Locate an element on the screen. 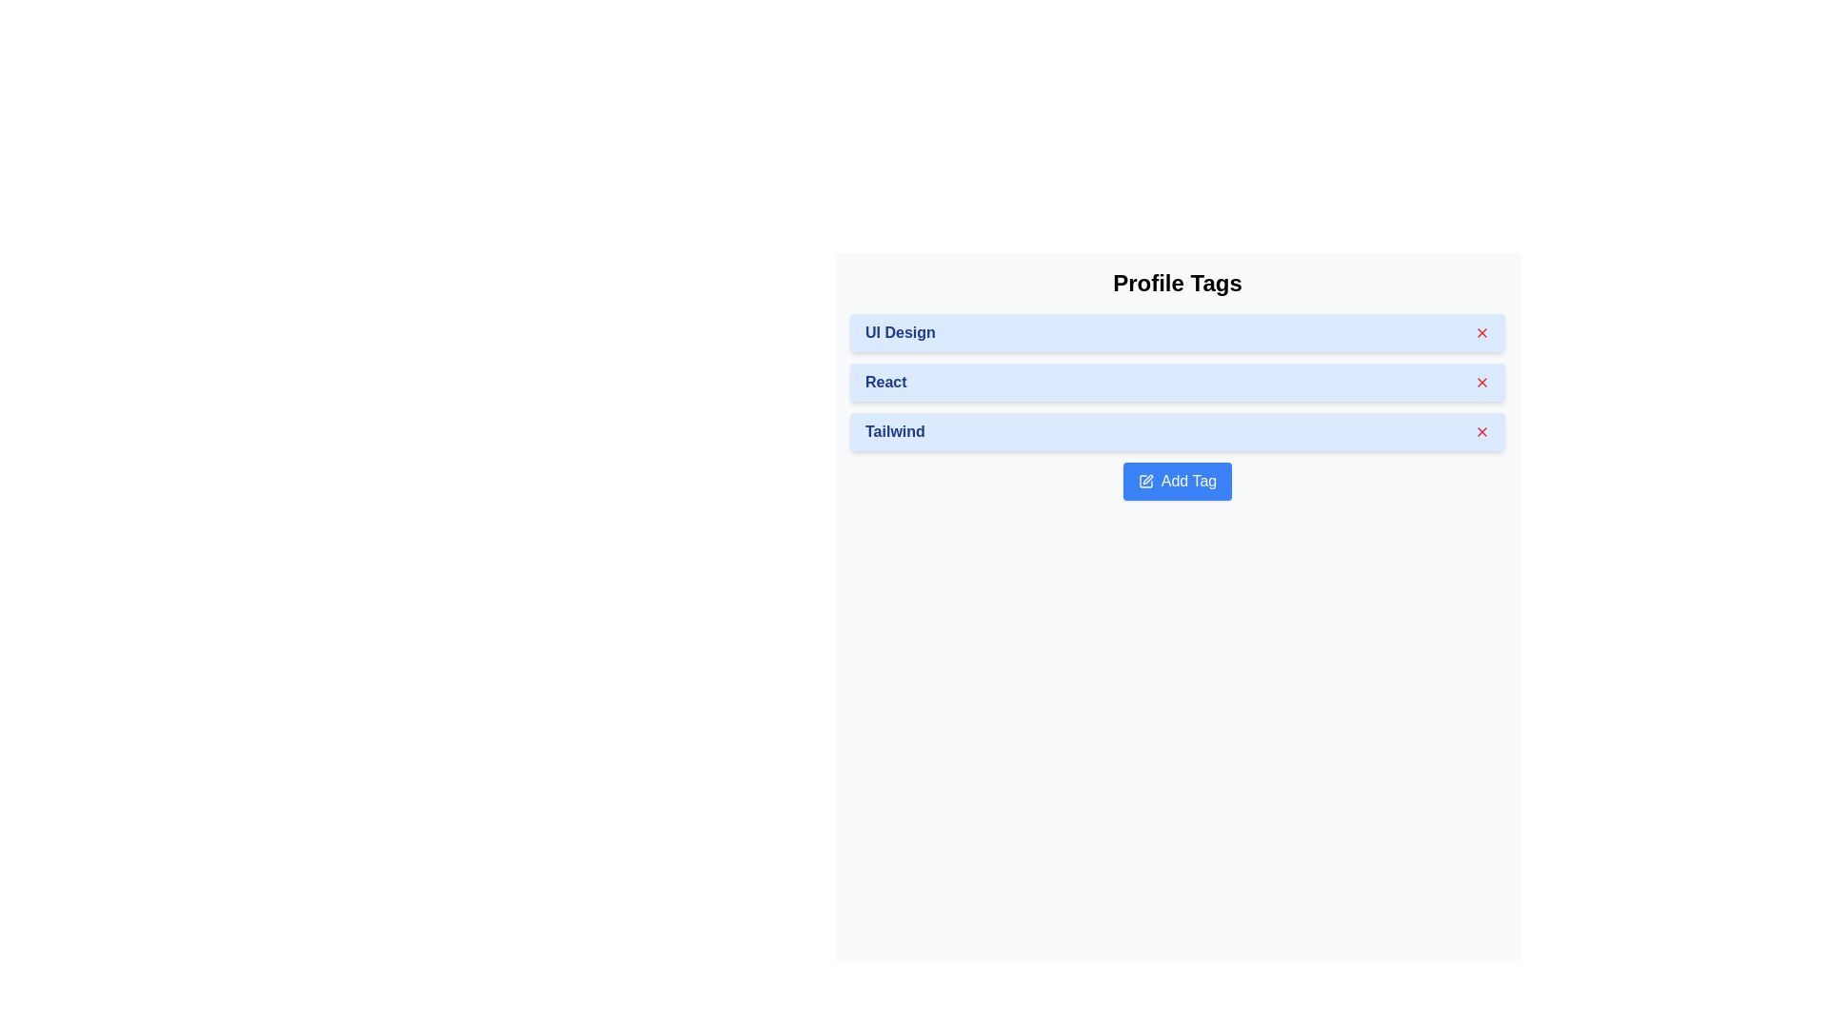 The image size is (1828, 1028). the 'Tailwind' tag, which is the third tag under 'Profile Tags' in the interface, to interact with its options is located at coordinates (1177, 432).